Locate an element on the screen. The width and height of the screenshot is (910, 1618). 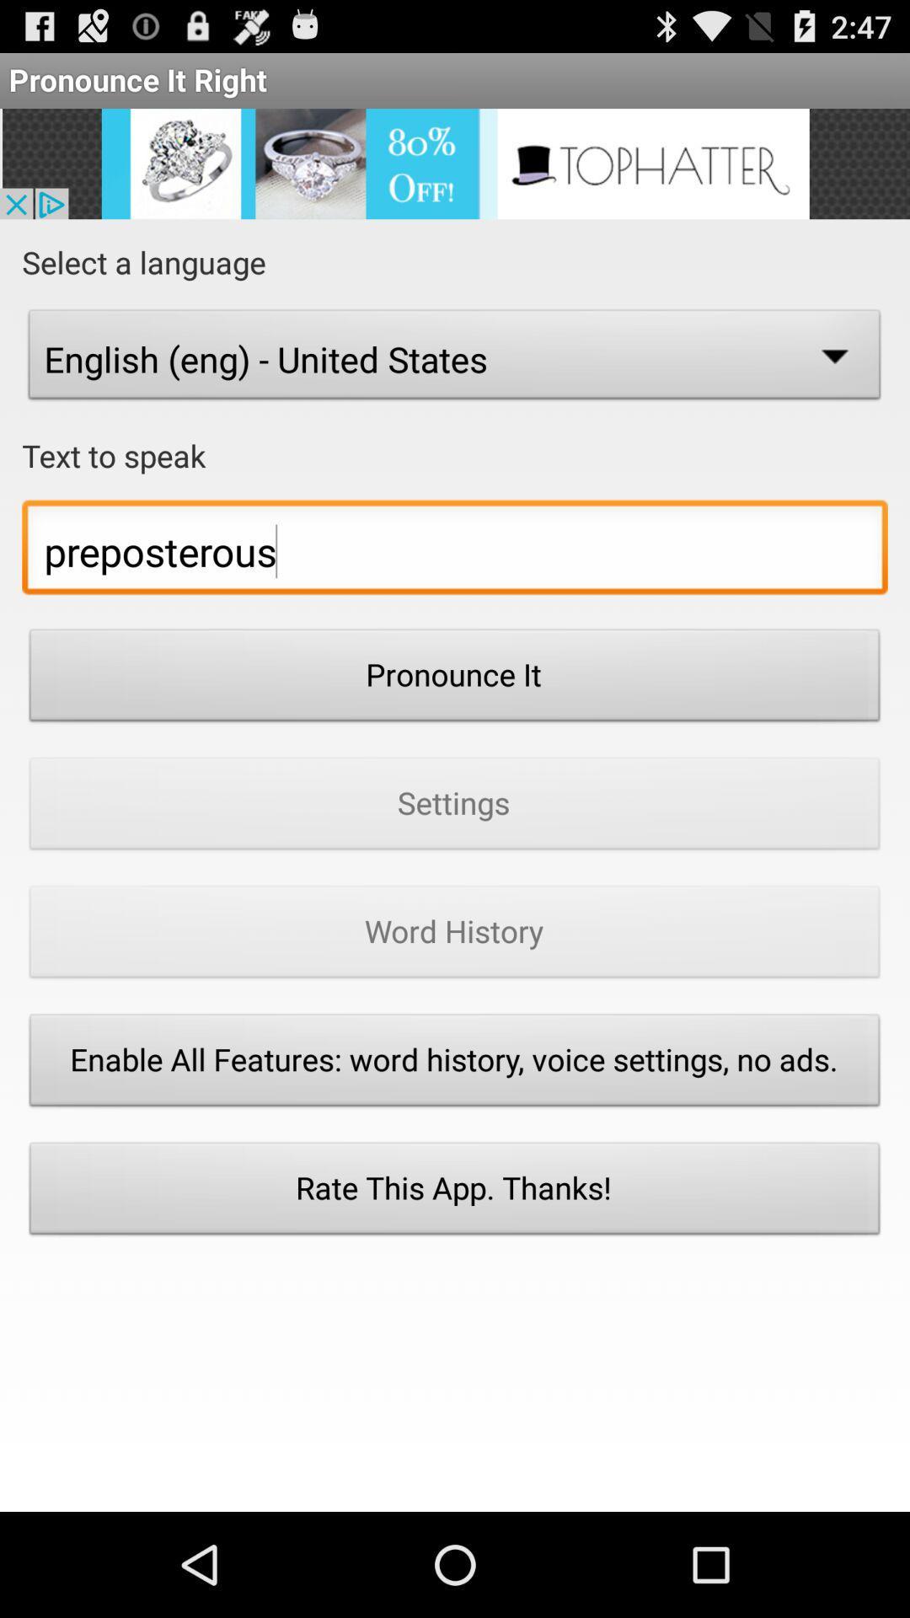
the advertisement is located at coordinates (455, 163).